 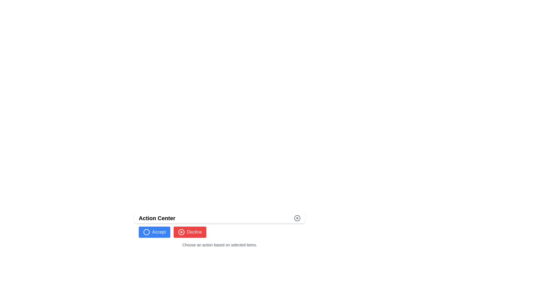 I want to click on the small circular gray button with an 'X' icon located in the top-right corner of the 'Action Center' section, so click(x=297, y=218).